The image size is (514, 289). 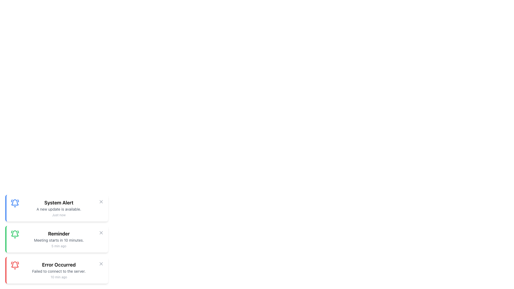 What do you see at coordinates (59, 234) in the screenshot?
I see `the text label displaying 'Reminder', which is styled with a bold typeface and positioned at the top of the notification card` at bounding box center [59, 234].